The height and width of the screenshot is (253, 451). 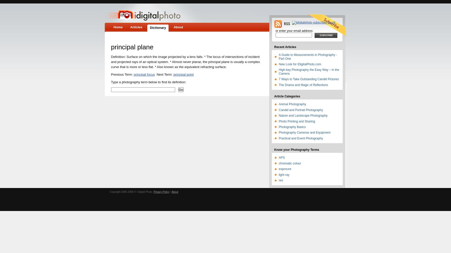 What do you see at coordinates (285, 169) in the screenshot?
I see `'exposure'` at bounding box center [285, 169].